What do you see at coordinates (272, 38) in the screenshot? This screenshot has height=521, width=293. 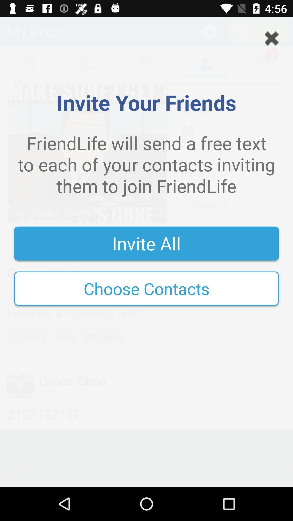 I see `close` at bounding box center [272, 38].